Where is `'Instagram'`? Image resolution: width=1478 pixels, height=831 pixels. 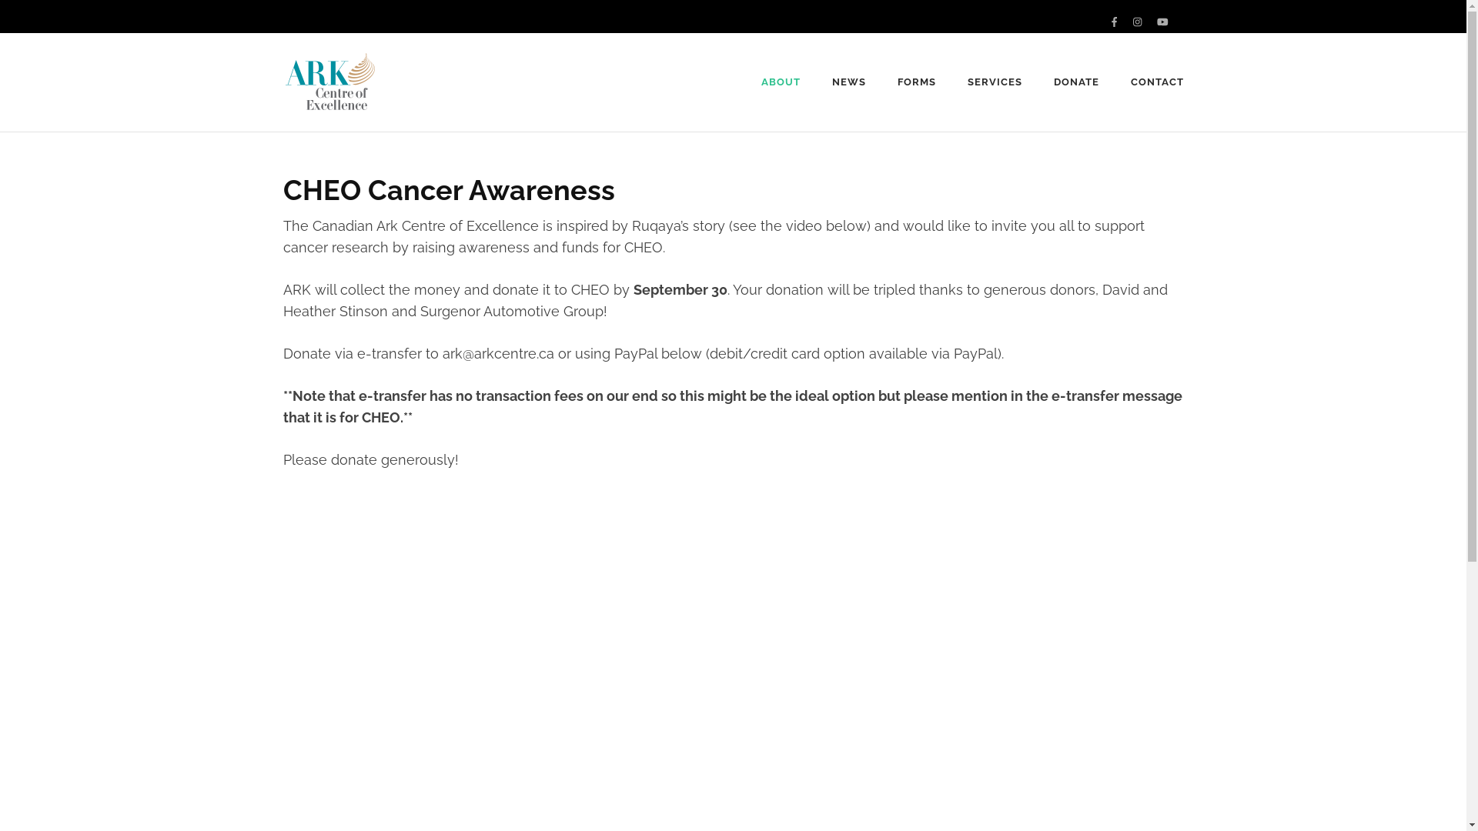
'Instagram' is located at coordinates (1137, 22).